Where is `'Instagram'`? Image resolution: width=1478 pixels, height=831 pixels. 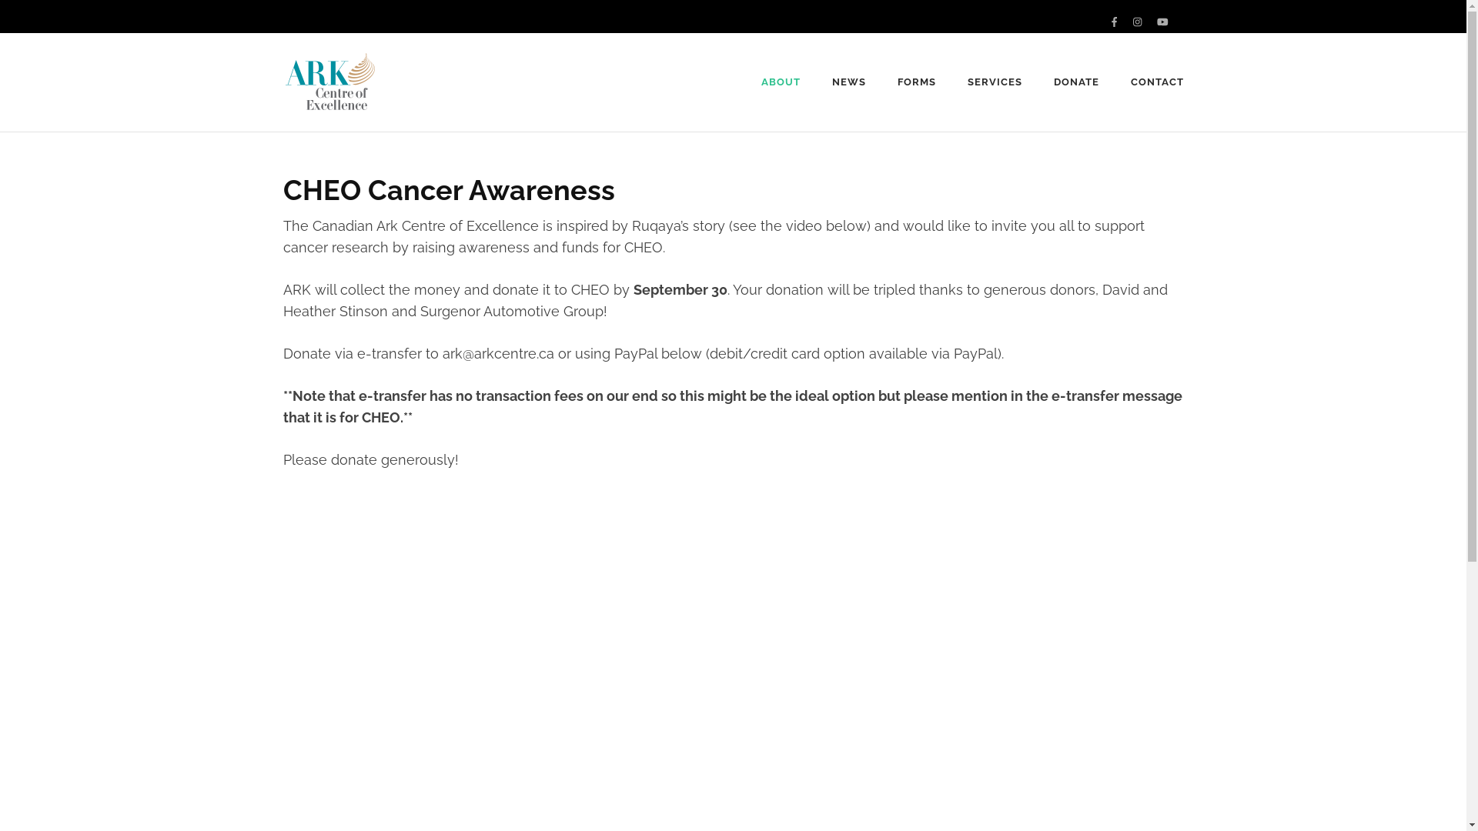
'Instagram' is located at coordinates (1137, 22).